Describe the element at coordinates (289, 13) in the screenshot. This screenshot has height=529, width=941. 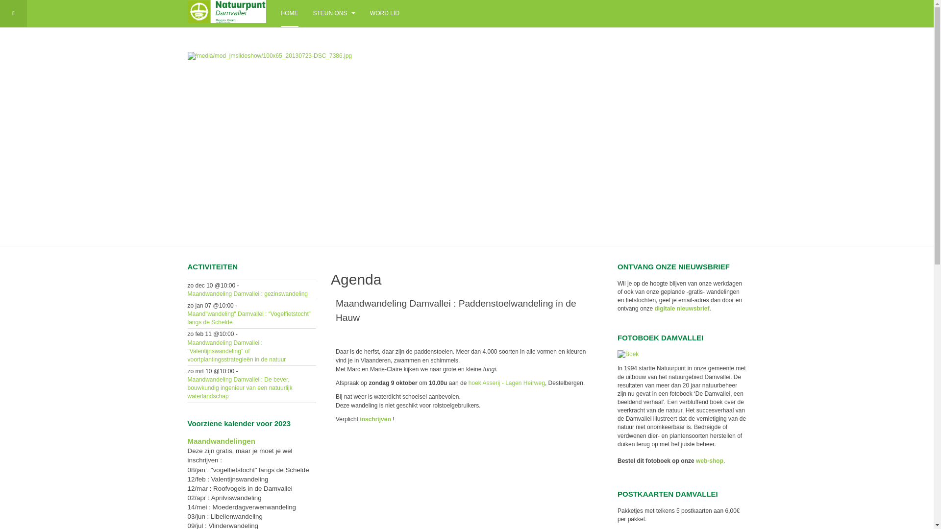
I see `'HOME'` at that location.